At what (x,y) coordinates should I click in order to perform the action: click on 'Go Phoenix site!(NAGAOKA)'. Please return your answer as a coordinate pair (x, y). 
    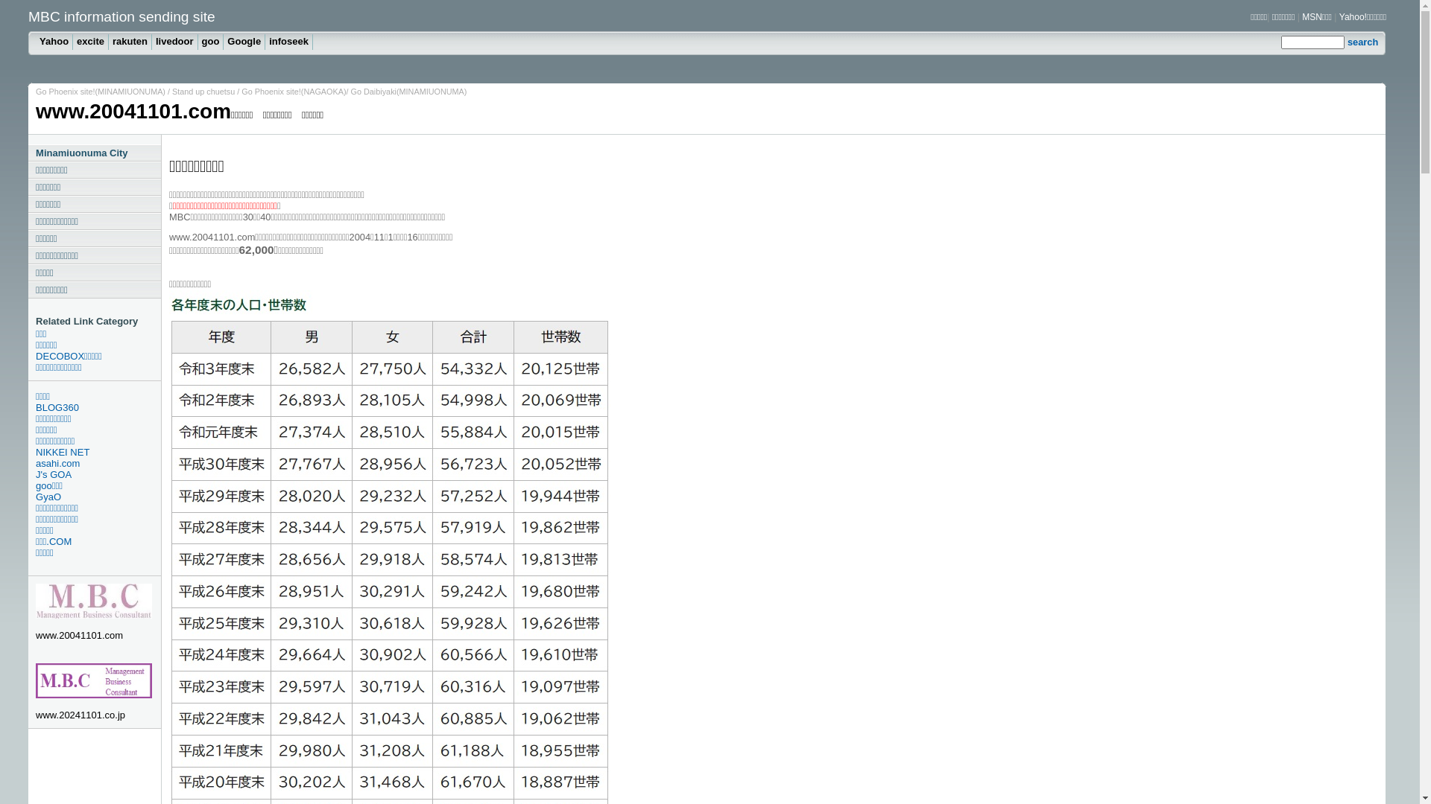
    Looking at the image, I should click on (241, 92).